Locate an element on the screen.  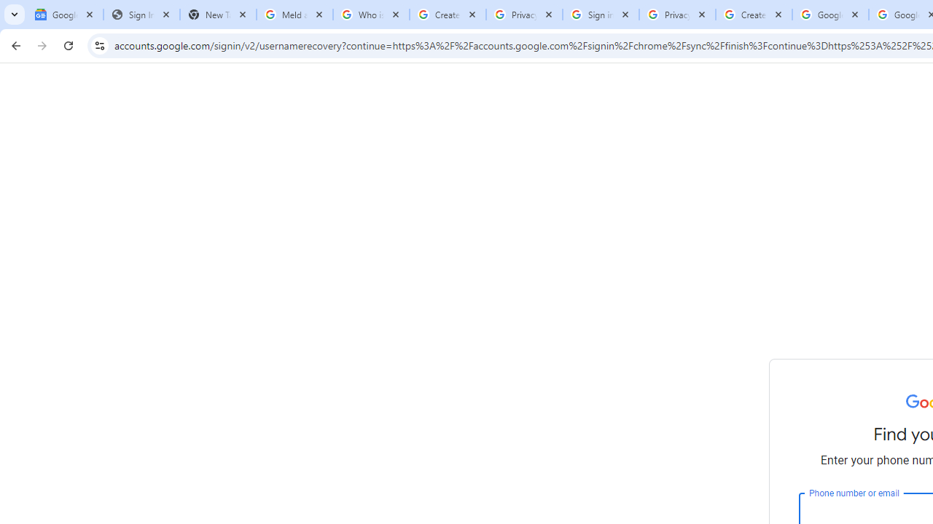
'Who is my administrator? - Google Account Help' is located at coordinates (371, 15).